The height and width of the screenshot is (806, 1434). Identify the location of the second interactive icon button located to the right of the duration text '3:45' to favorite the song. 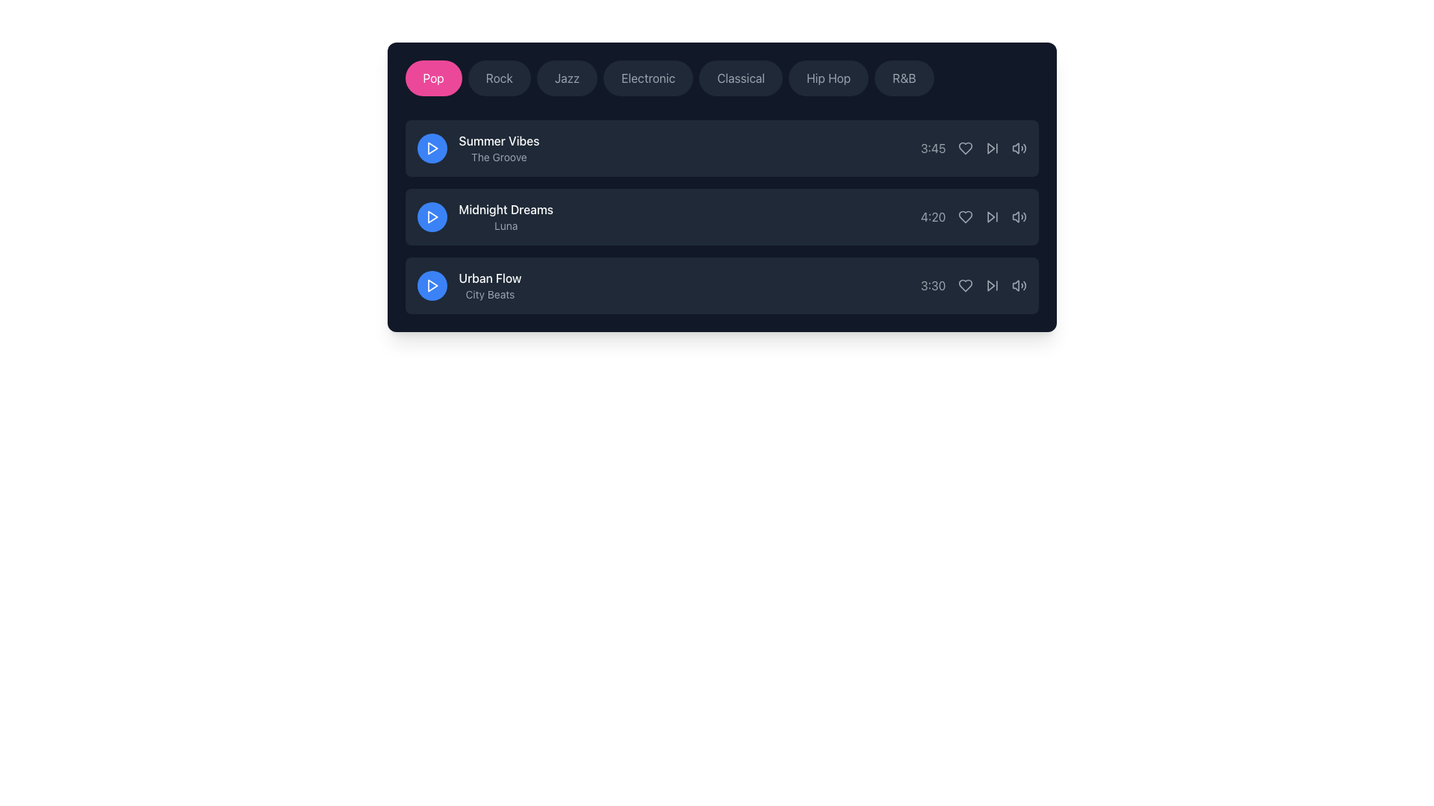
(965, 149).